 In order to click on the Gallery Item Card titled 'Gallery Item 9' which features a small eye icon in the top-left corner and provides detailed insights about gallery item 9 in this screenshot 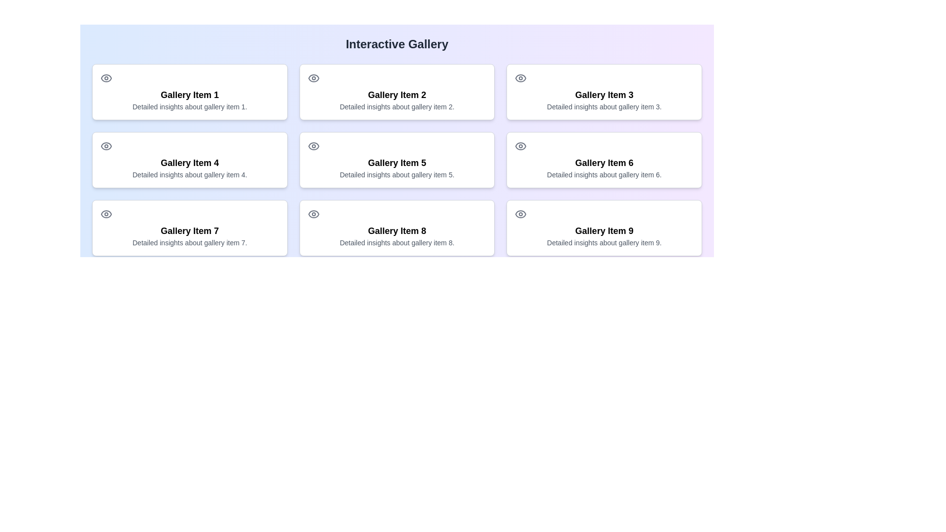, I will do `click(604, 228)`.